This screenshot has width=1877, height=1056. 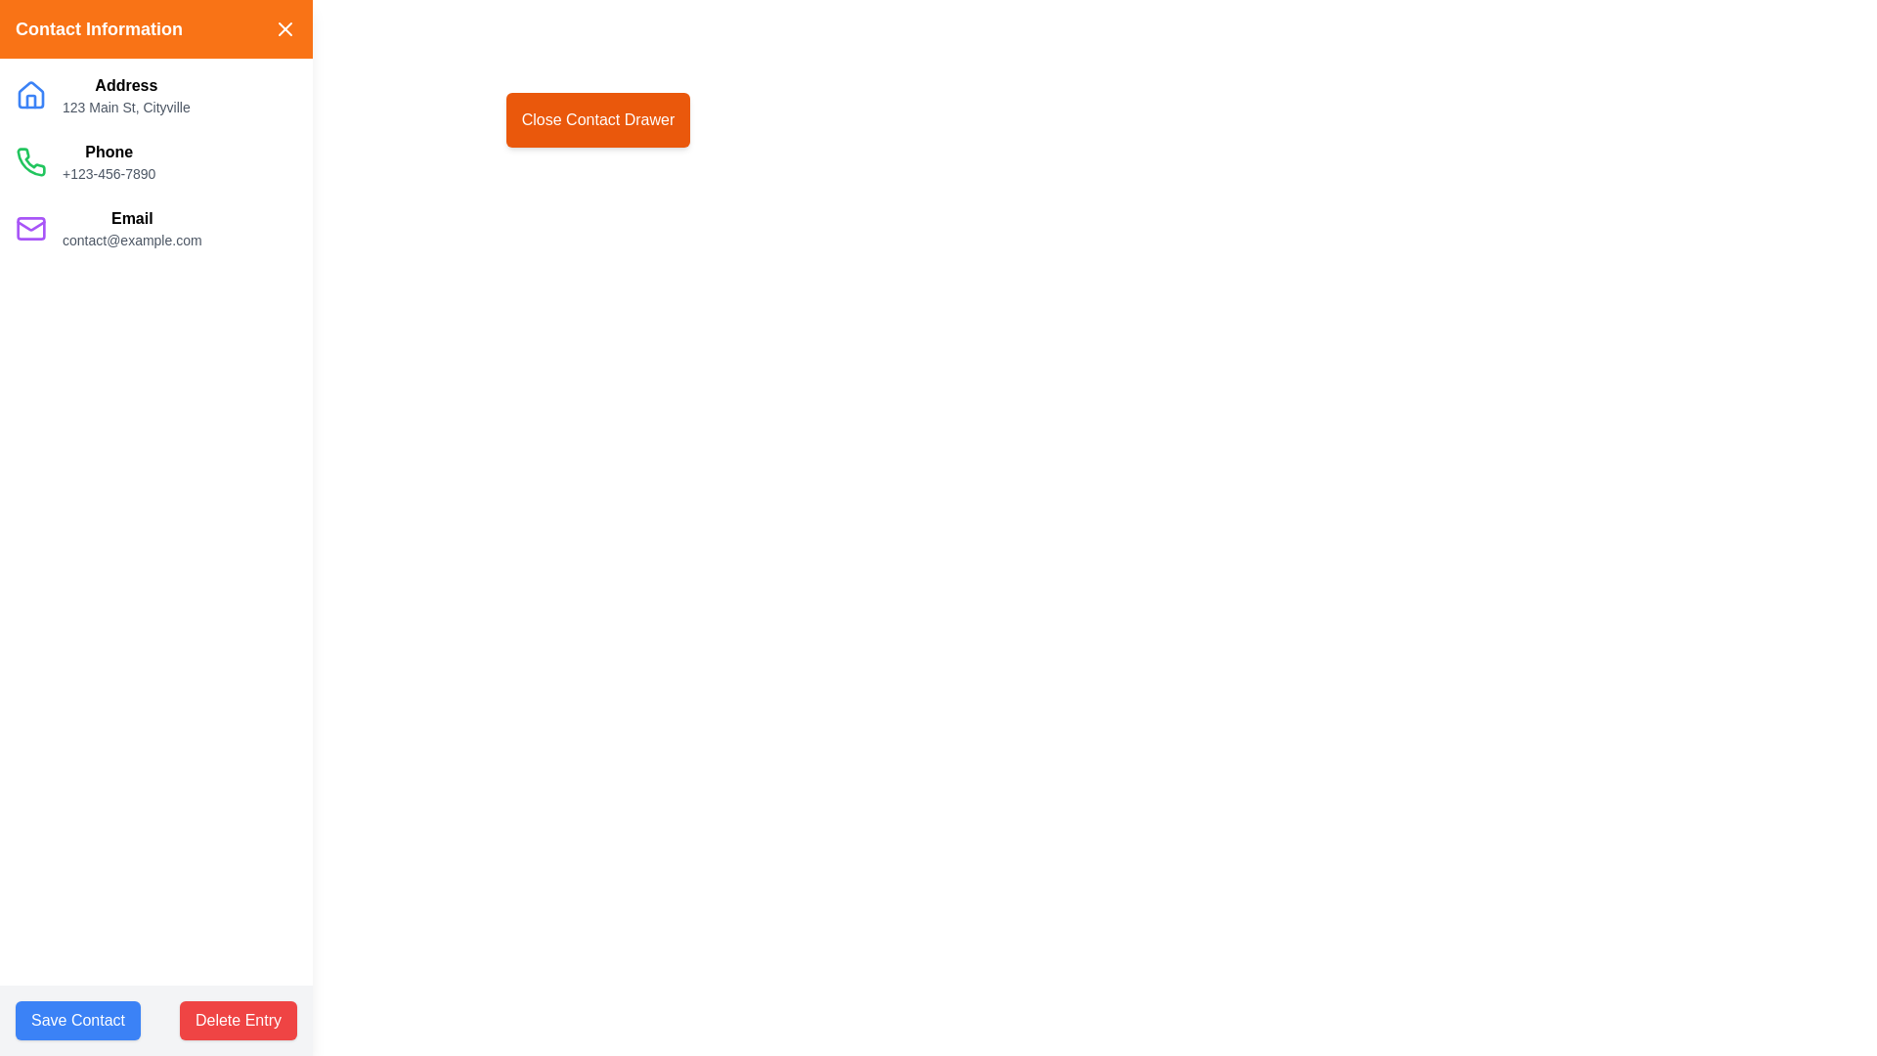 I want to click on the 'Phone' text element which displays the phone number '+123-456-7890', located under the 'Contact Information' heading, between 'Address' and 'Email', so click(x=108, y=160).